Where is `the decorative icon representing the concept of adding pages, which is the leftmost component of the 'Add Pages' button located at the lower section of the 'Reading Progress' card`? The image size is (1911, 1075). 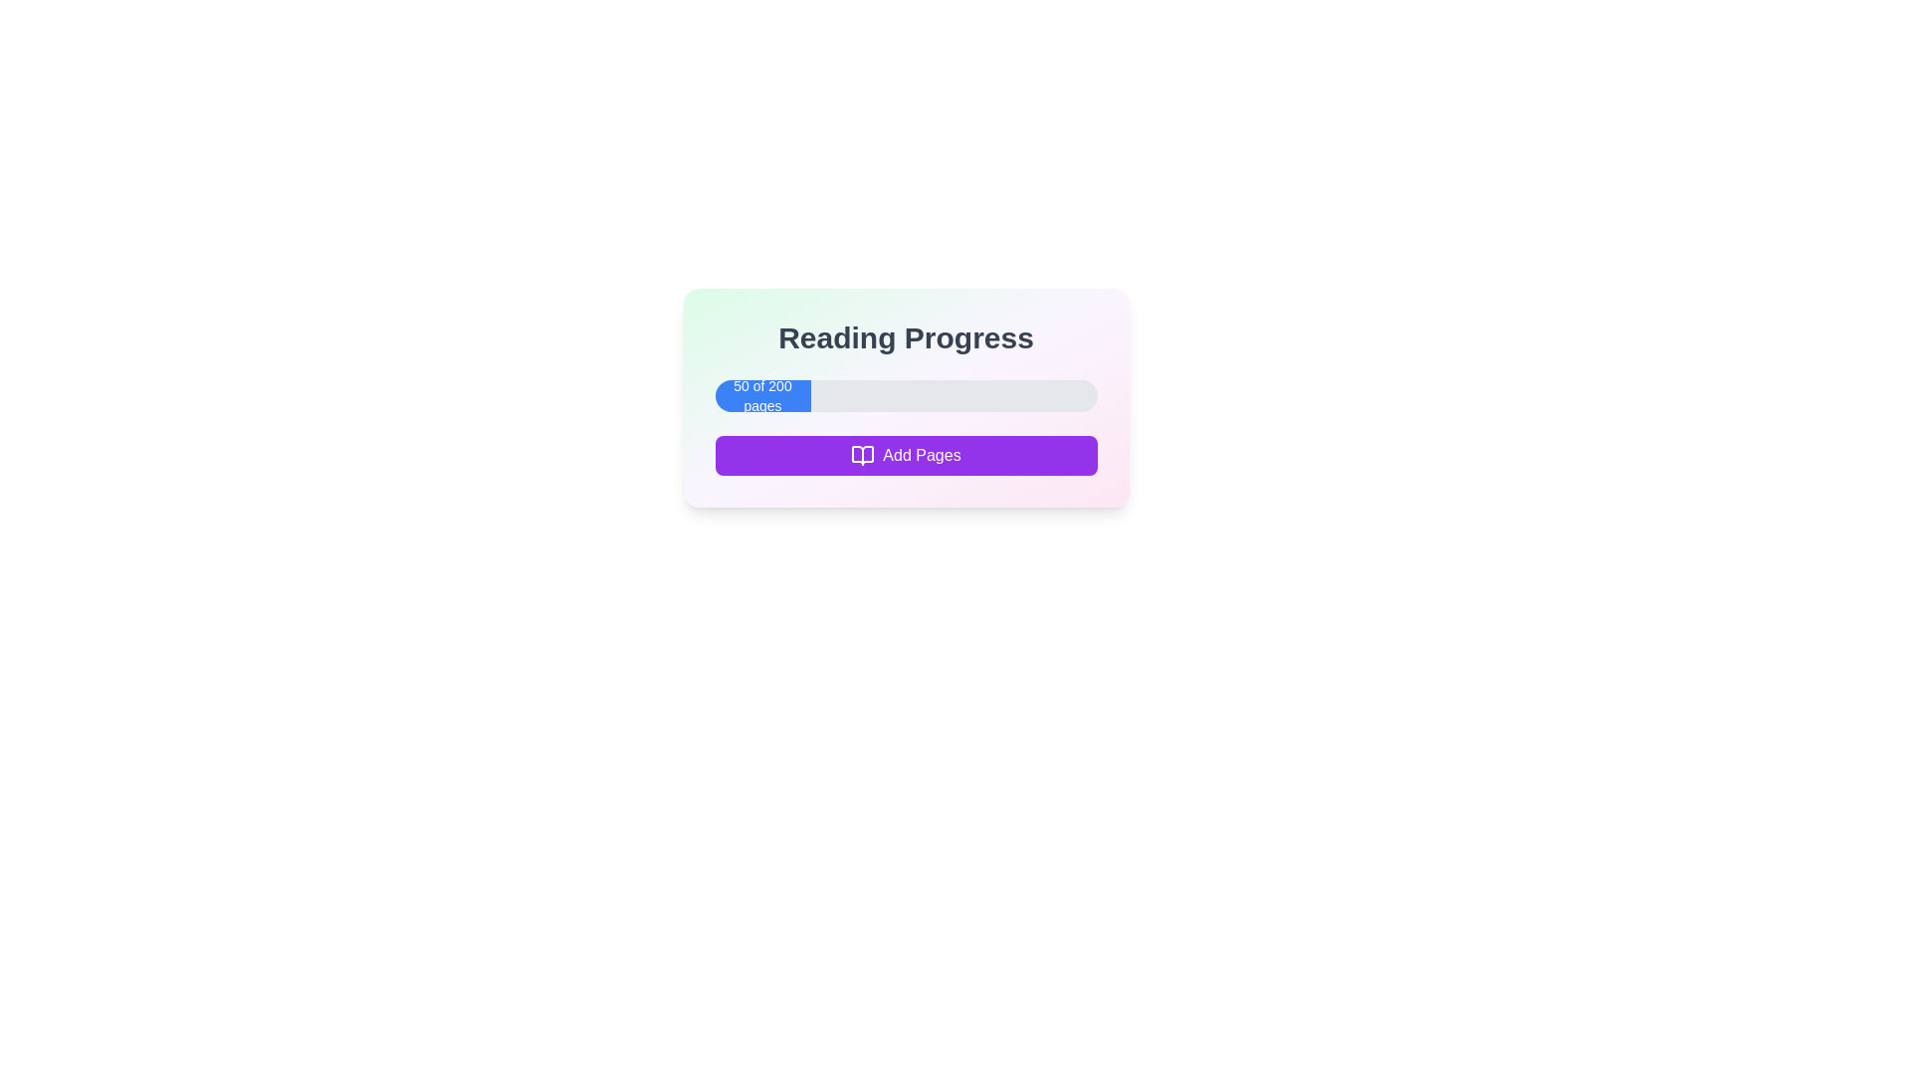
the decorative icon representing the concept of adding pages, which is the leftmost component of the 'Add Pages' button located at the lower section of the 'Reading Progress' card is located at coordinates (863, 456).